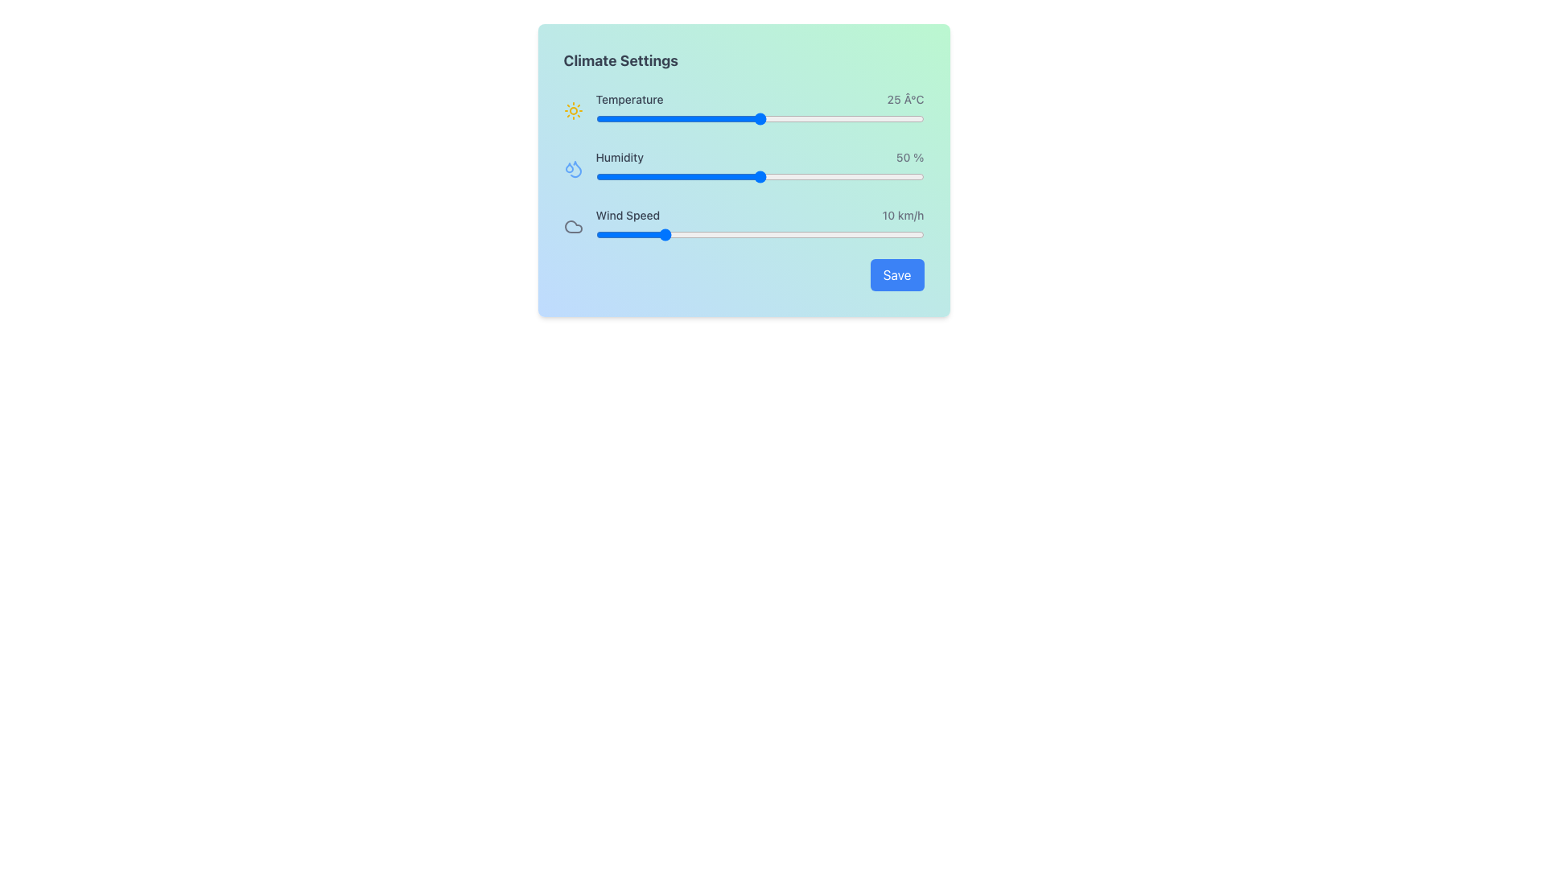  What do you see at coordinates (818, 117) in the screenshot?
I see `the slider` at bounding box center [818, 117].